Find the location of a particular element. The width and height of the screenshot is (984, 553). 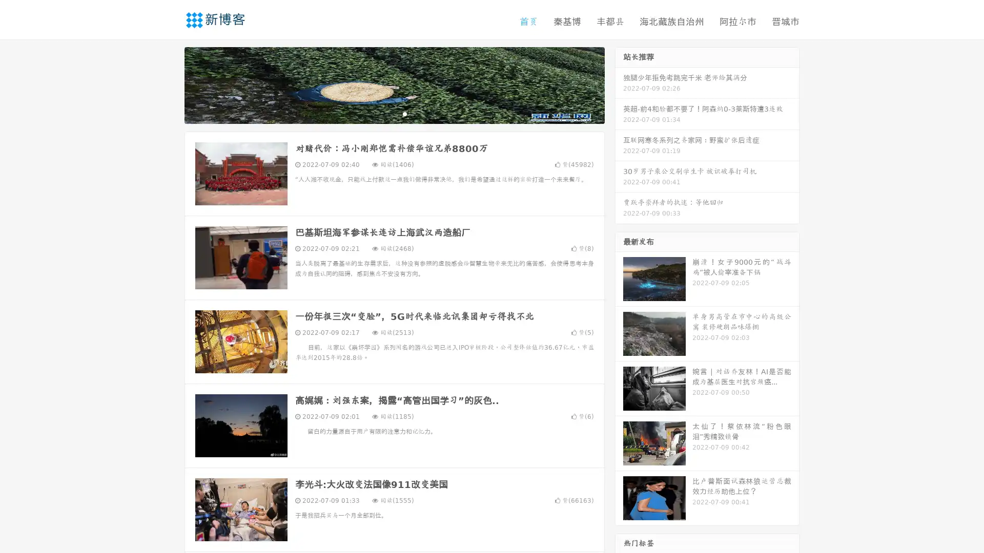

Go to slide 2 is located at coordinates (394, 115).